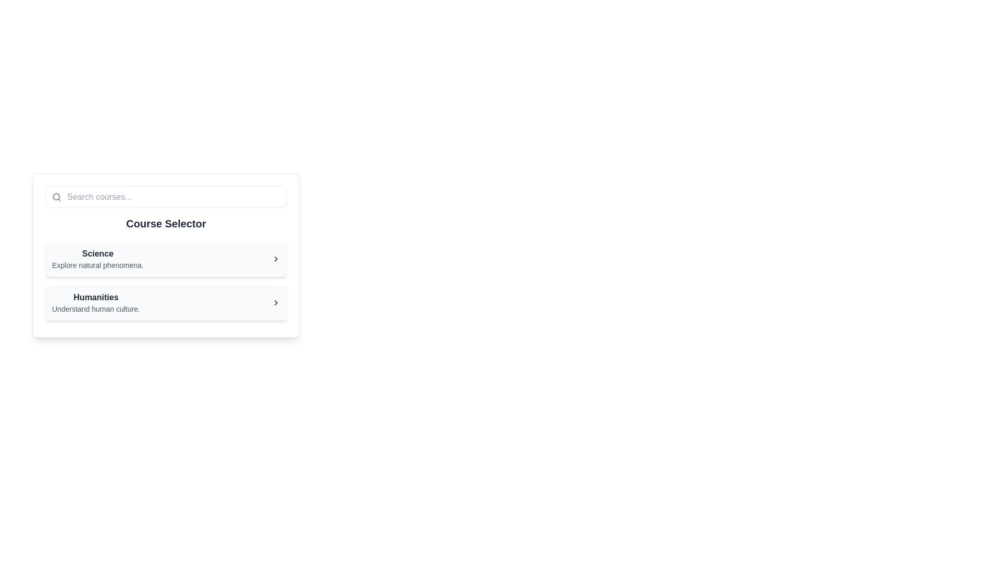  I want to click on the navigation icon located at the far right end of the 'Science' item box, adjacent to the text 'Explore natural phenomena.' for accessibility, so click(276, 258).